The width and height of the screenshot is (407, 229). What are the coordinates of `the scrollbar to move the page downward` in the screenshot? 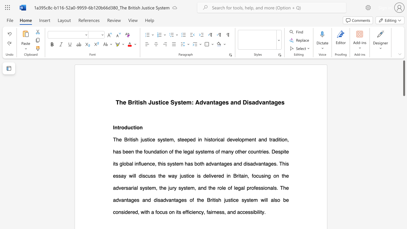 It's located at (404, 139).